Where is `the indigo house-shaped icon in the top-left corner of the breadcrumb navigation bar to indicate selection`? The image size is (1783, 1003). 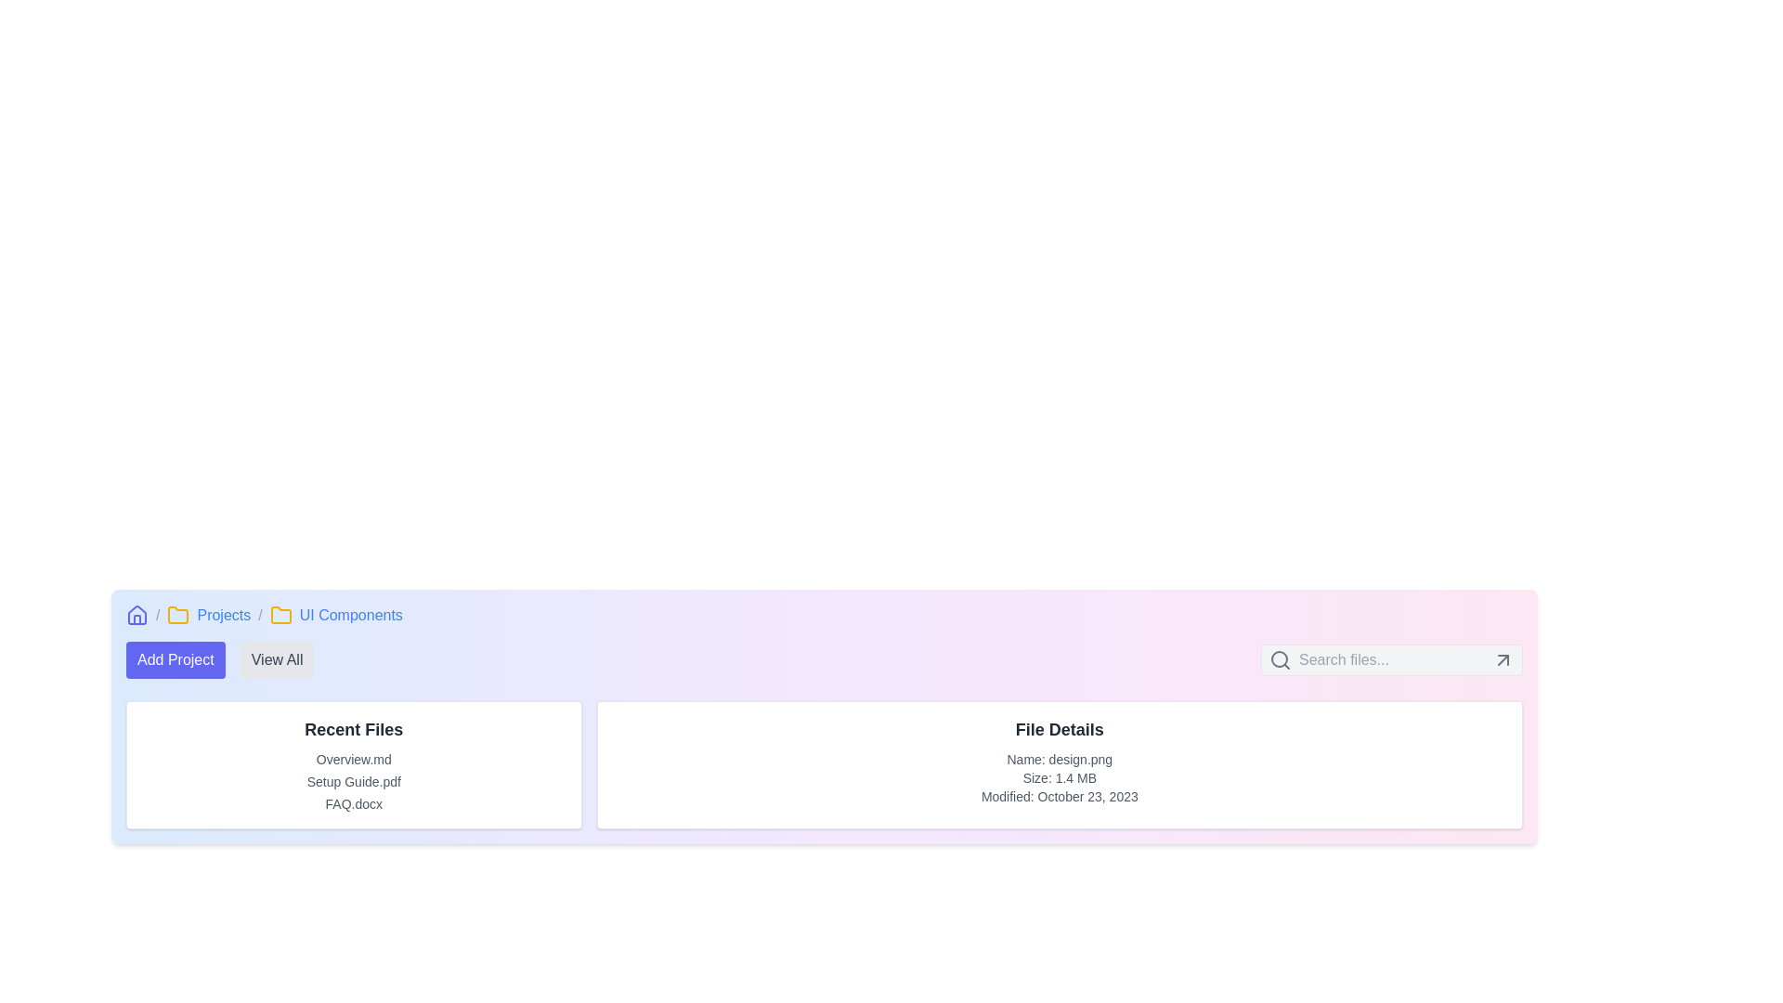 the indigo house-shaped icon in the top-left corner of the breadcrumb navigation bar to indicate selection is located at coordinates (137, 616).